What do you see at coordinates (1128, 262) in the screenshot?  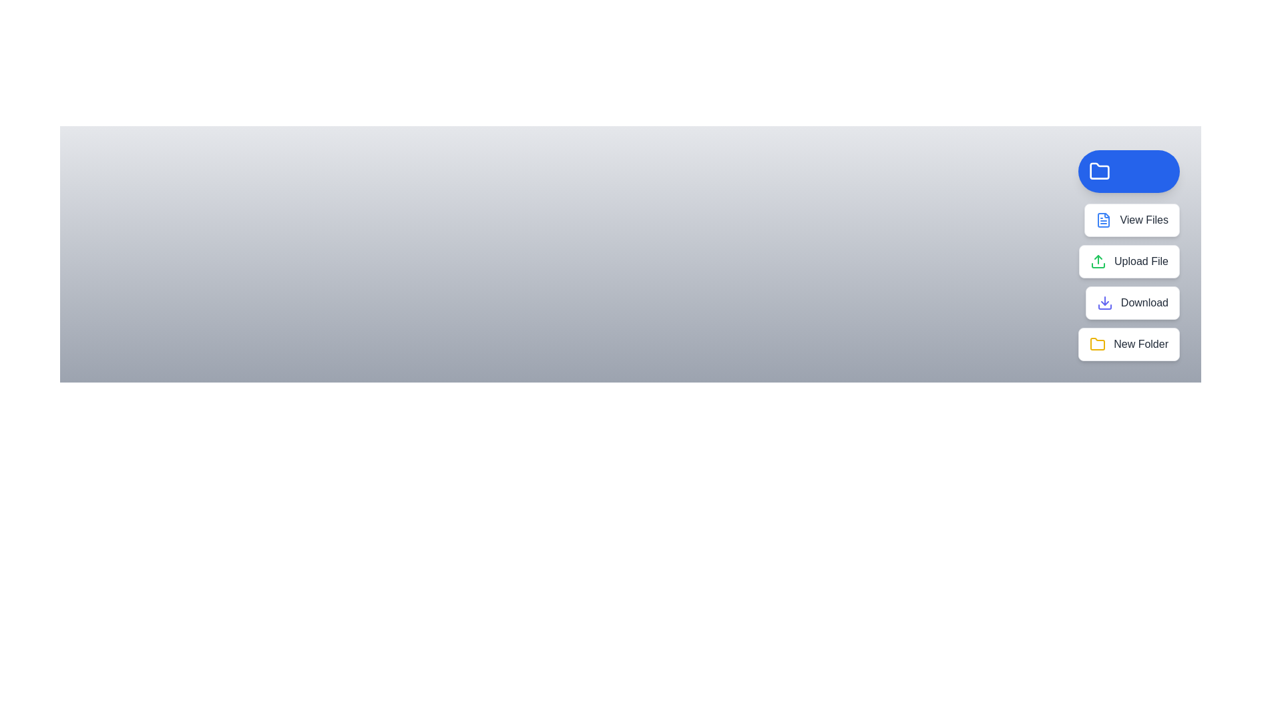 I see `the 'Upload File' button to initiate the file upload process` at bounding box center [1128, 262].